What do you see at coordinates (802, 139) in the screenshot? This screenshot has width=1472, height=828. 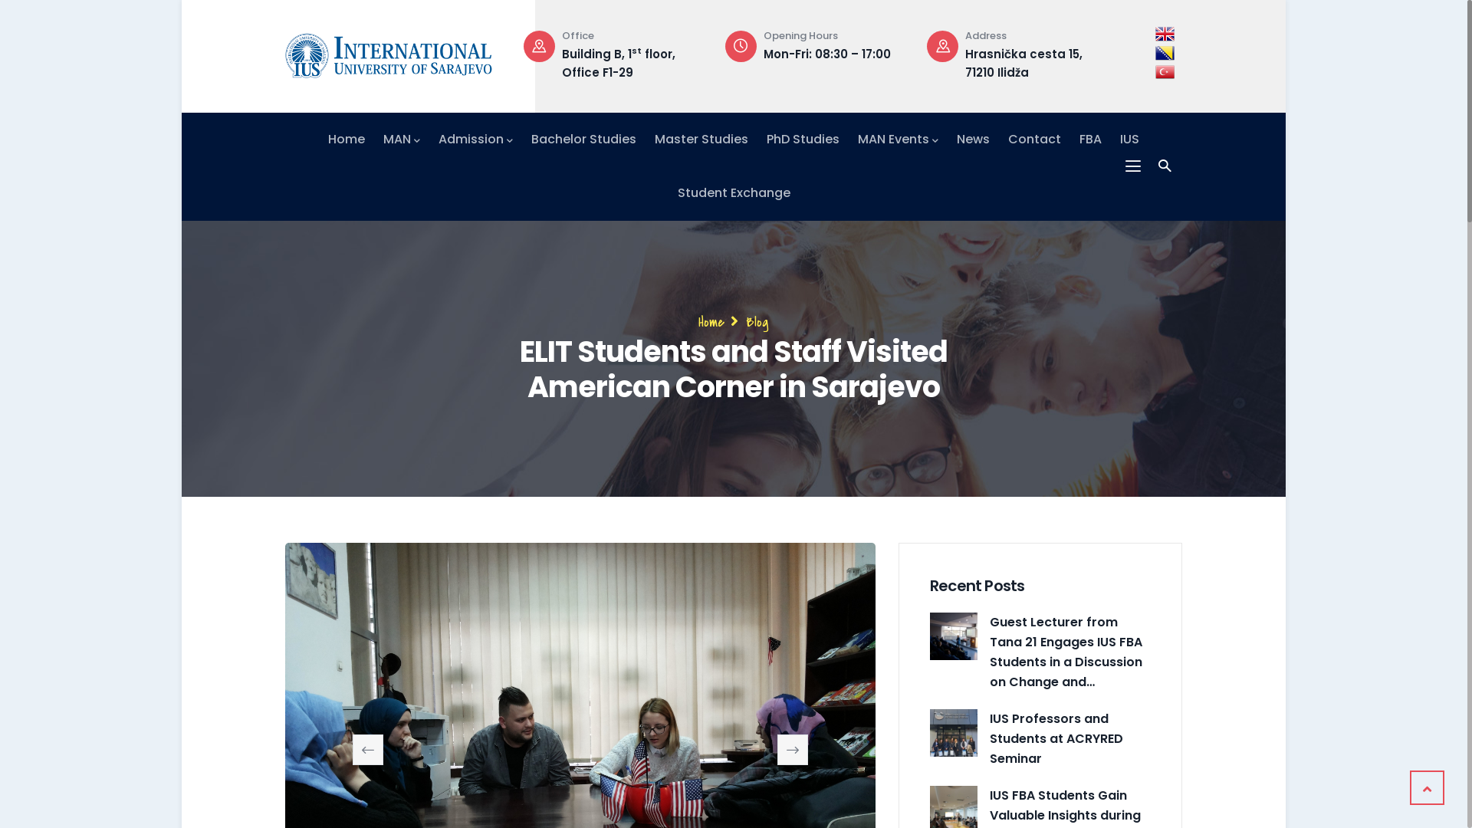 I see `'PhD Studies'` at bounding box center [802, 139].